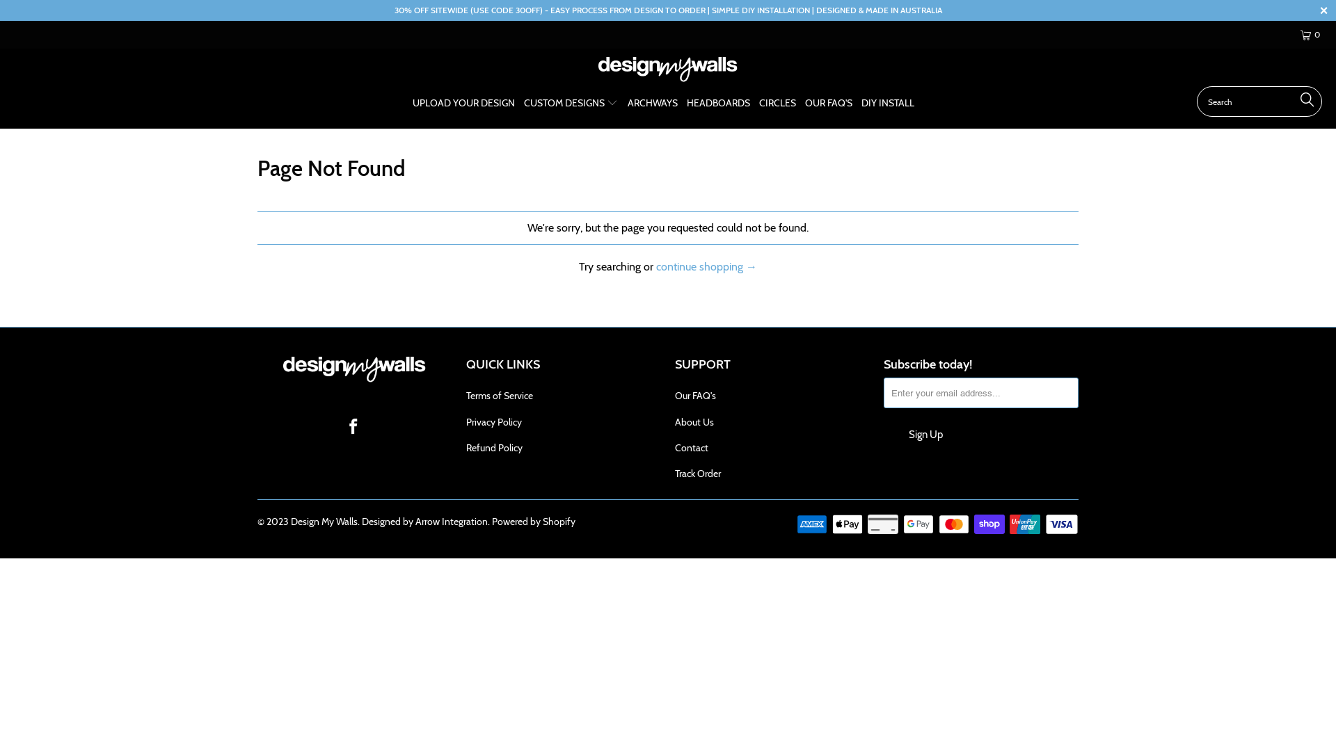  I want to click on 'Contact', so click(674, 448).